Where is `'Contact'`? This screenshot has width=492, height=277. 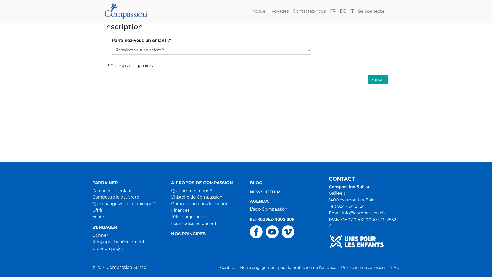
'Contact' is located at coordinates (227, 267).